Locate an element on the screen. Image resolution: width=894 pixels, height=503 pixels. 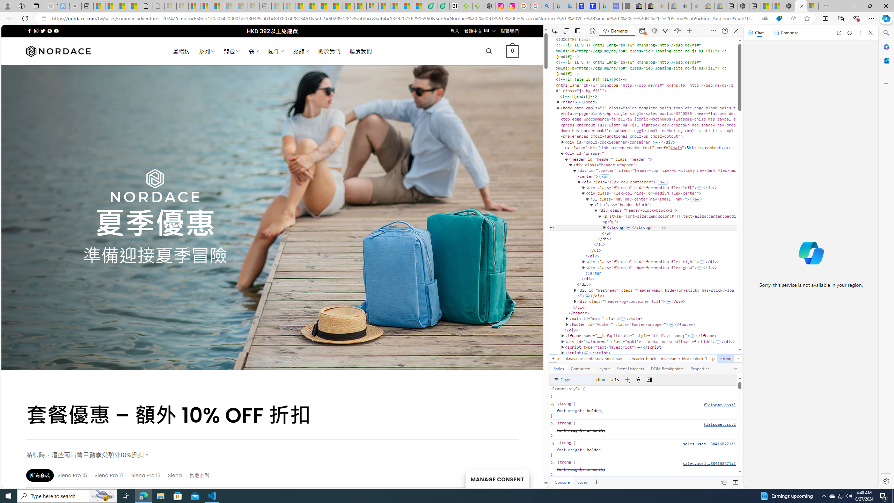
'Filter' is located at coordinates (576, 379).